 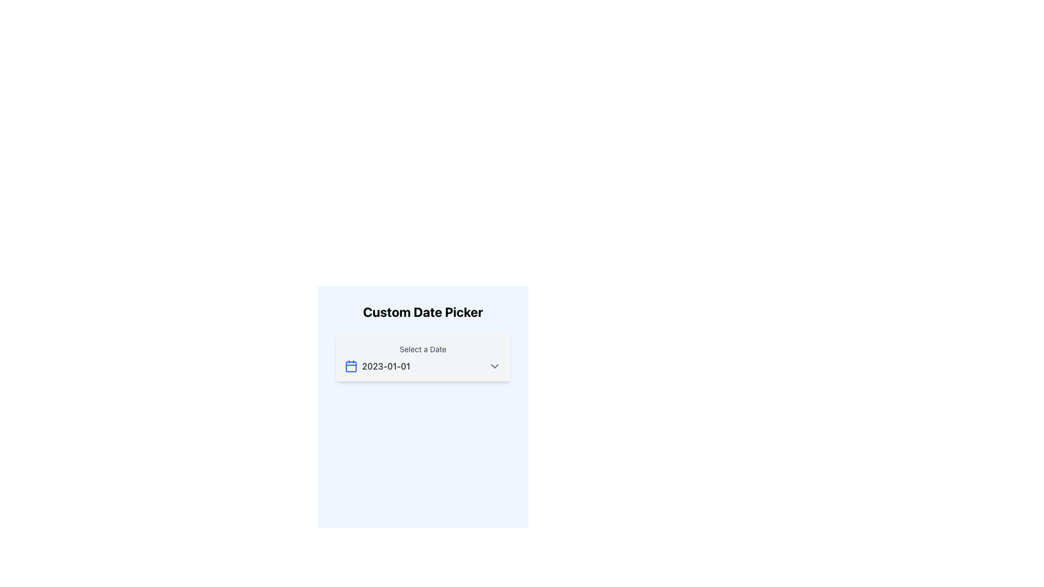 I want to click on the blue calendar icon with a rounded rectangular outline, located to the left of the date display text '2023-01-01', so click(x=351, y=366).